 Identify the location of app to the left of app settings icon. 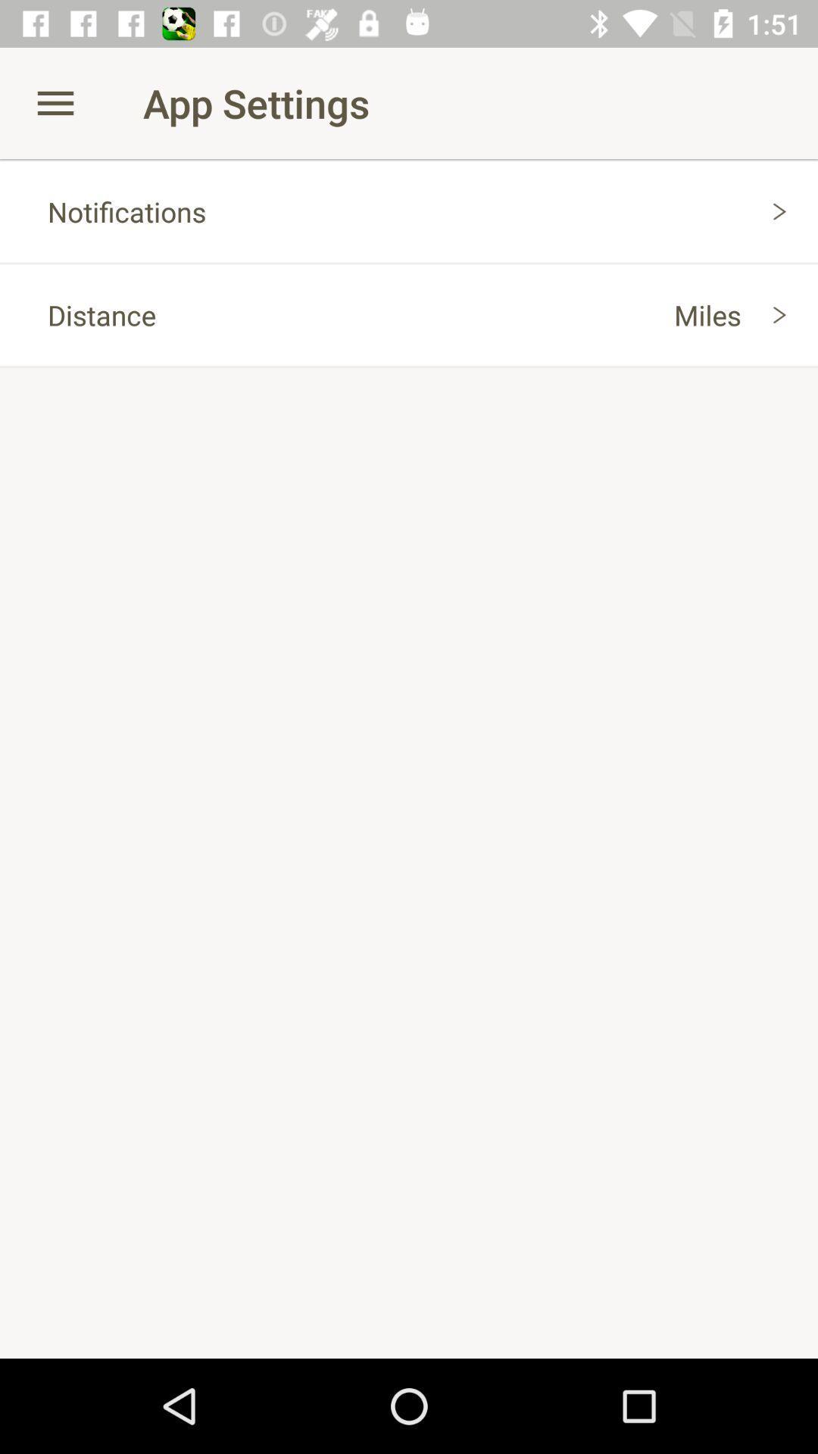
(55, 102).